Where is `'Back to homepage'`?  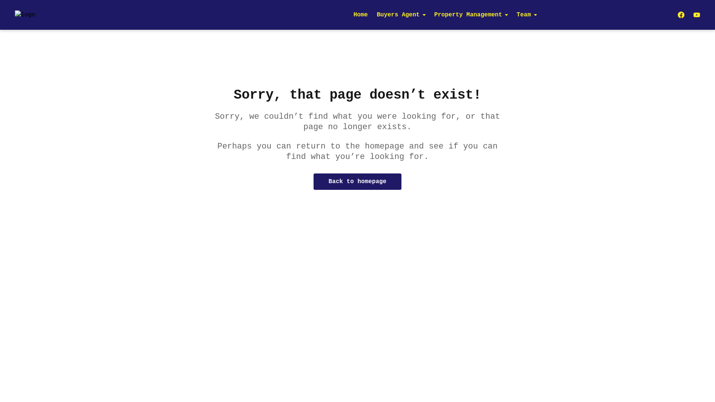
'Back to homepage' is located at coordinates (313, 182).